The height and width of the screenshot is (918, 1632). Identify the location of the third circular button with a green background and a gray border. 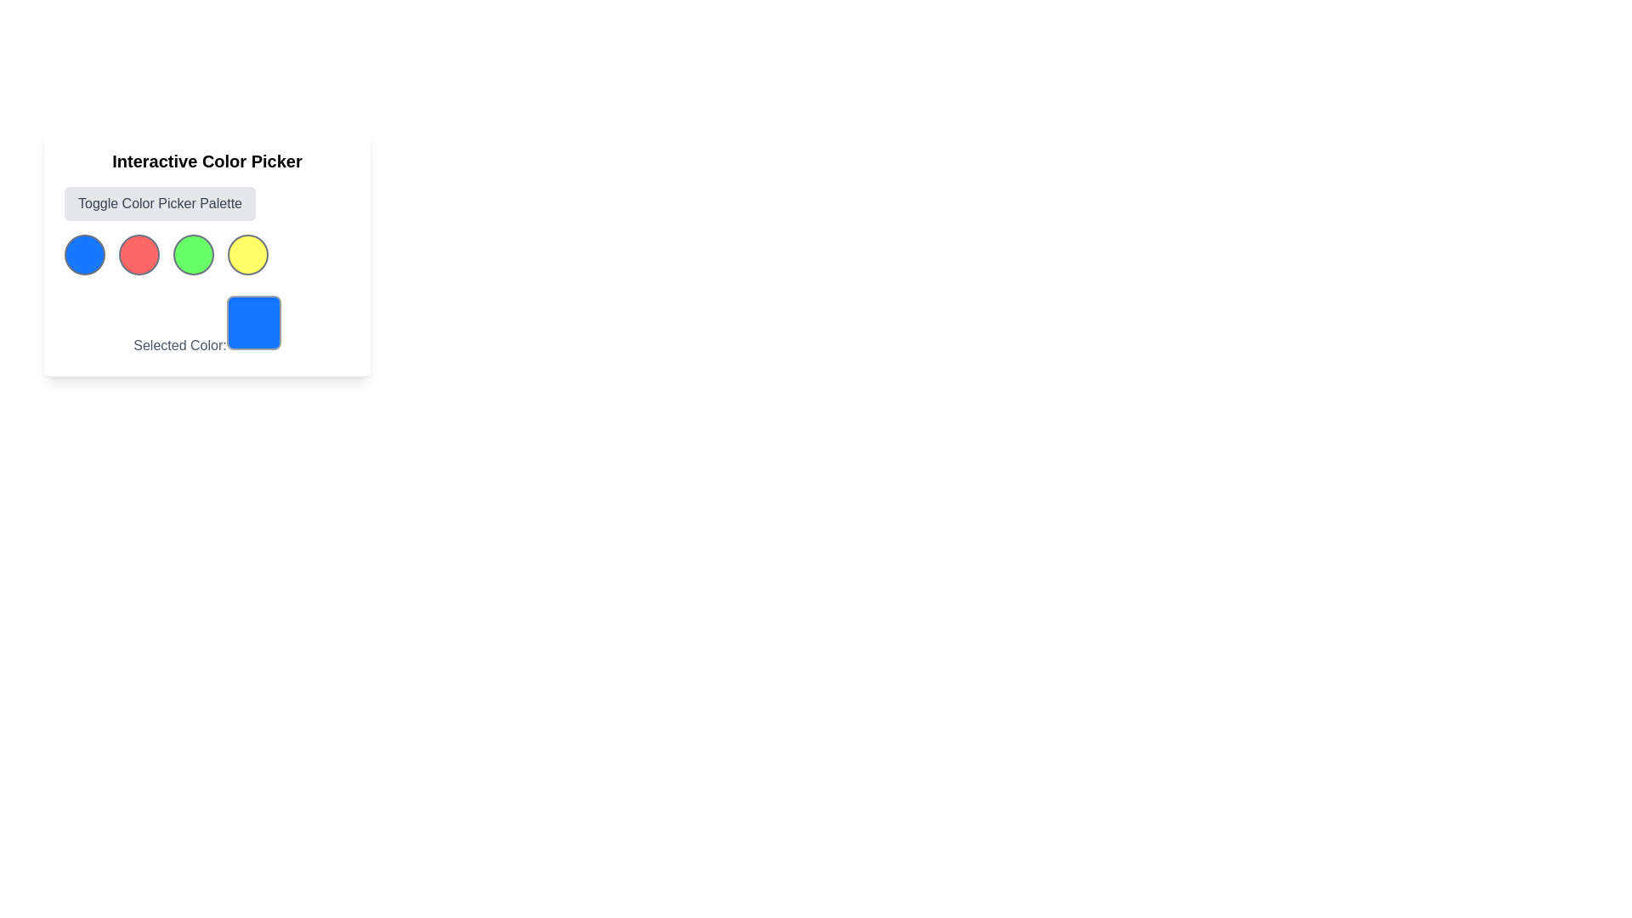
(193, 255).